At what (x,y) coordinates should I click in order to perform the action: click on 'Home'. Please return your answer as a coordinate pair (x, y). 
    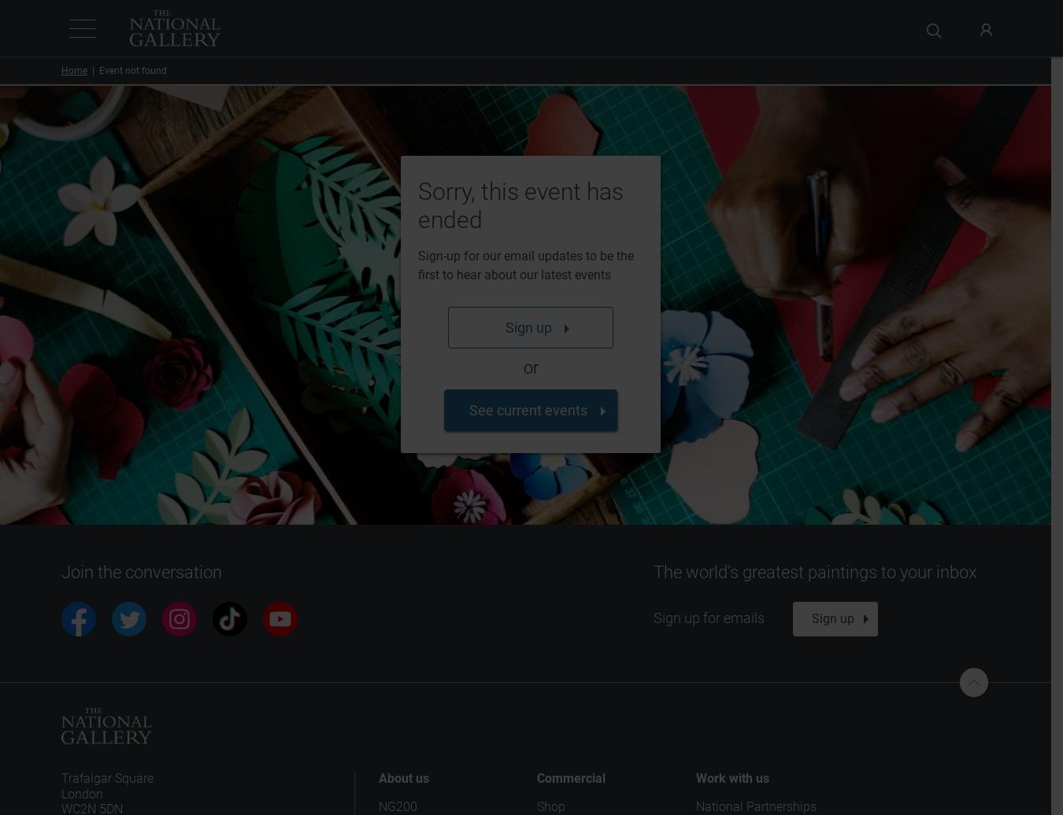
    Looking at the image, I should click on (72, 71).